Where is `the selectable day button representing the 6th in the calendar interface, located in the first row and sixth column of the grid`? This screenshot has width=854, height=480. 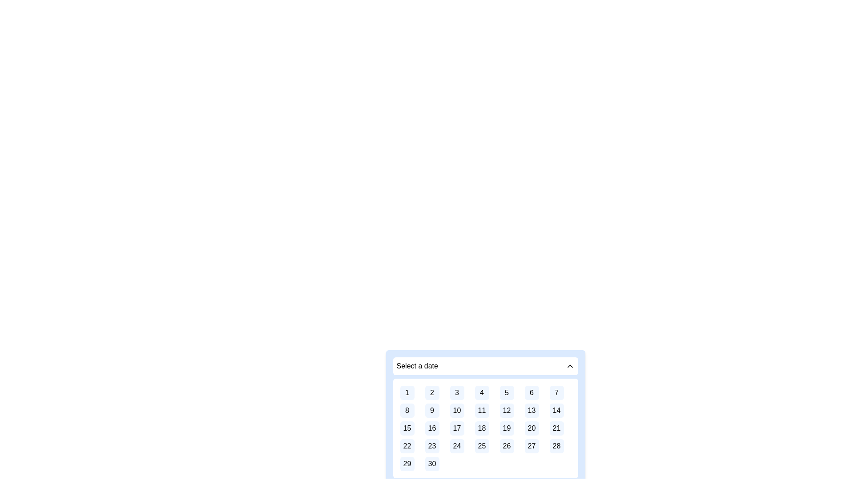
the selectable day button representing the 6th in the calendar interface, located in the first row and sixth column of the grid is located at coordinates (532, 392).